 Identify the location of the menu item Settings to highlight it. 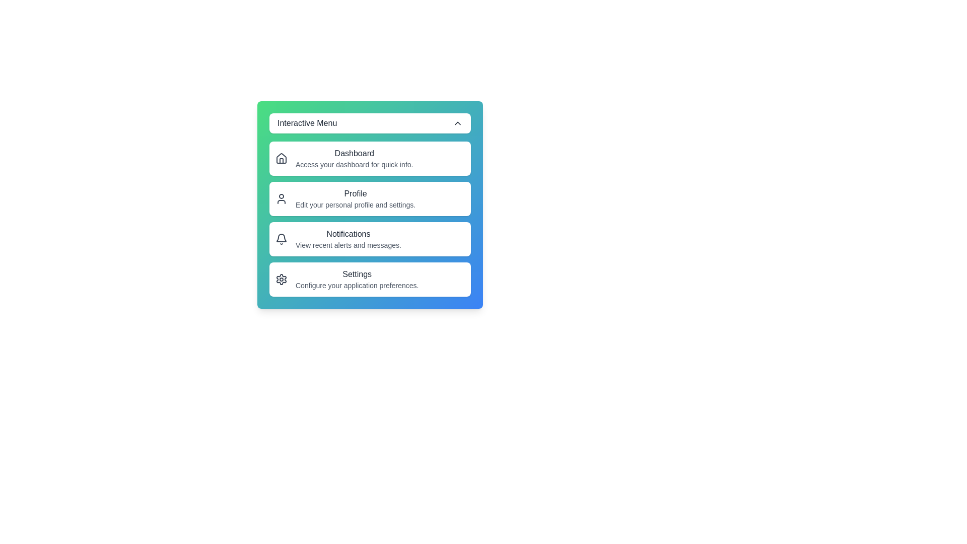
(369, 280).